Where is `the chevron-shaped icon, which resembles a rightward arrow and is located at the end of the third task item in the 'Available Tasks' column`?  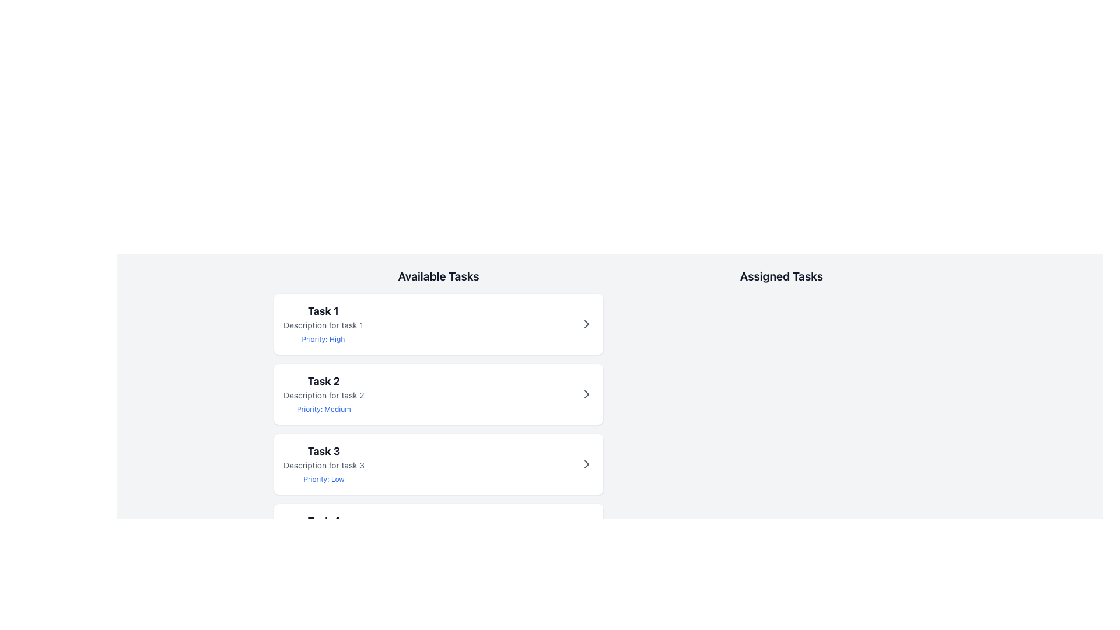 the chevron-shaped icon, which resembles a rightward arrow and is located at the end of the third task item in the 'Available Tasks' column is located at coordinates (587, 463).